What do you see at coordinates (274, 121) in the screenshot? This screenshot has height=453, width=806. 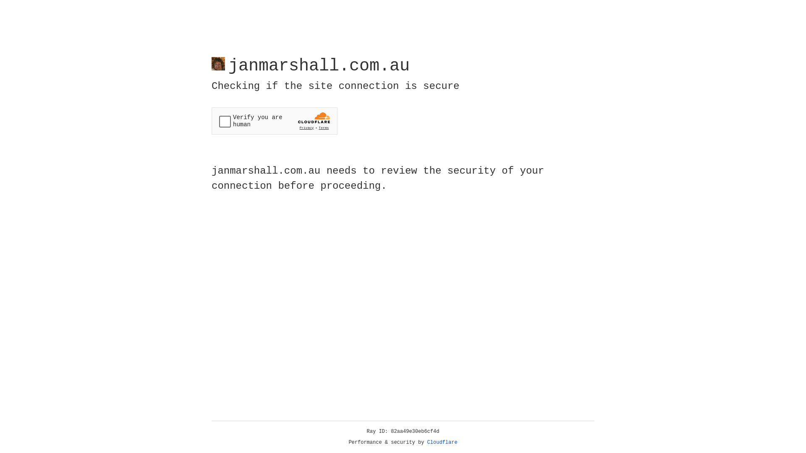 I see `'Widget containing a Cloudflare security challenge'` at bounding box center [274, 121].